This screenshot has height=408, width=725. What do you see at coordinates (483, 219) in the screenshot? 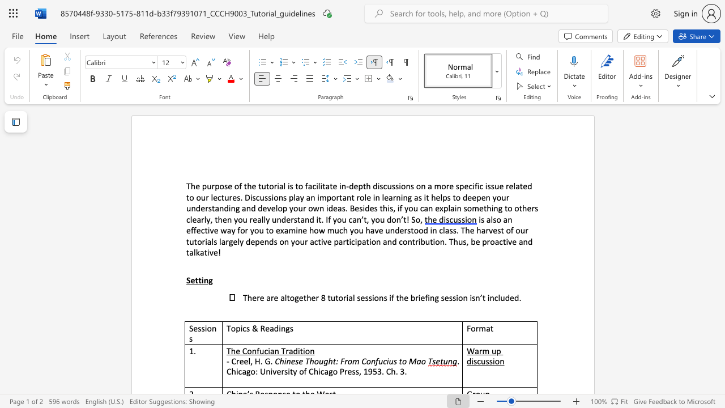
I see `the 1th character "s" in the text` at bounding box center [483, 219].